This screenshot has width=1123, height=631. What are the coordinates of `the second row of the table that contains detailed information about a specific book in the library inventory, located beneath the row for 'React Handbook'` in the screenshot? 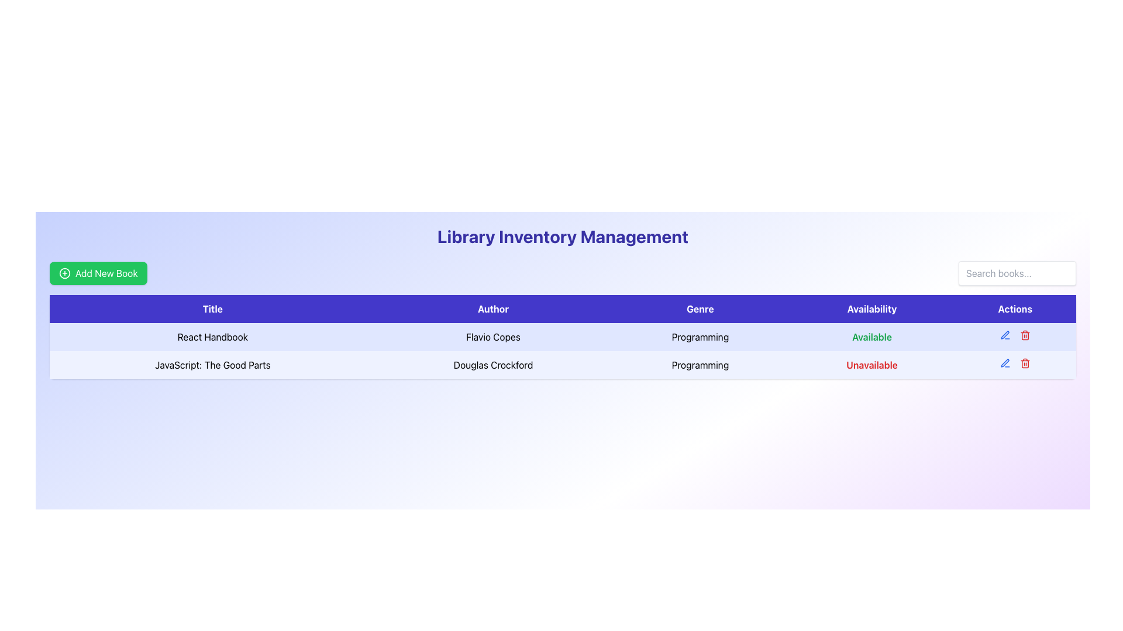 It's located at (563, 364).